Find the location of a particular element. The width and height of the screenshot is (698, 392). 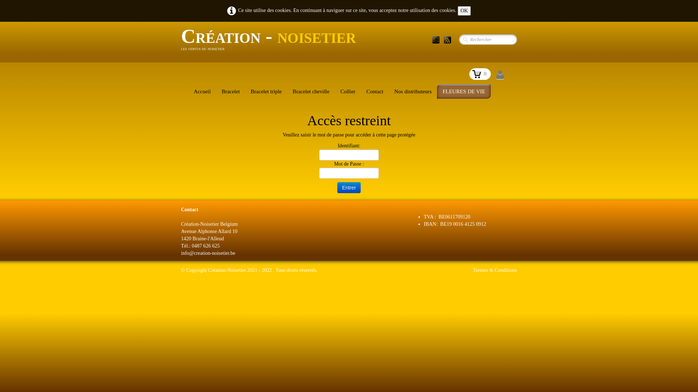

'Mon compte' is located at coordinates (500, 75).